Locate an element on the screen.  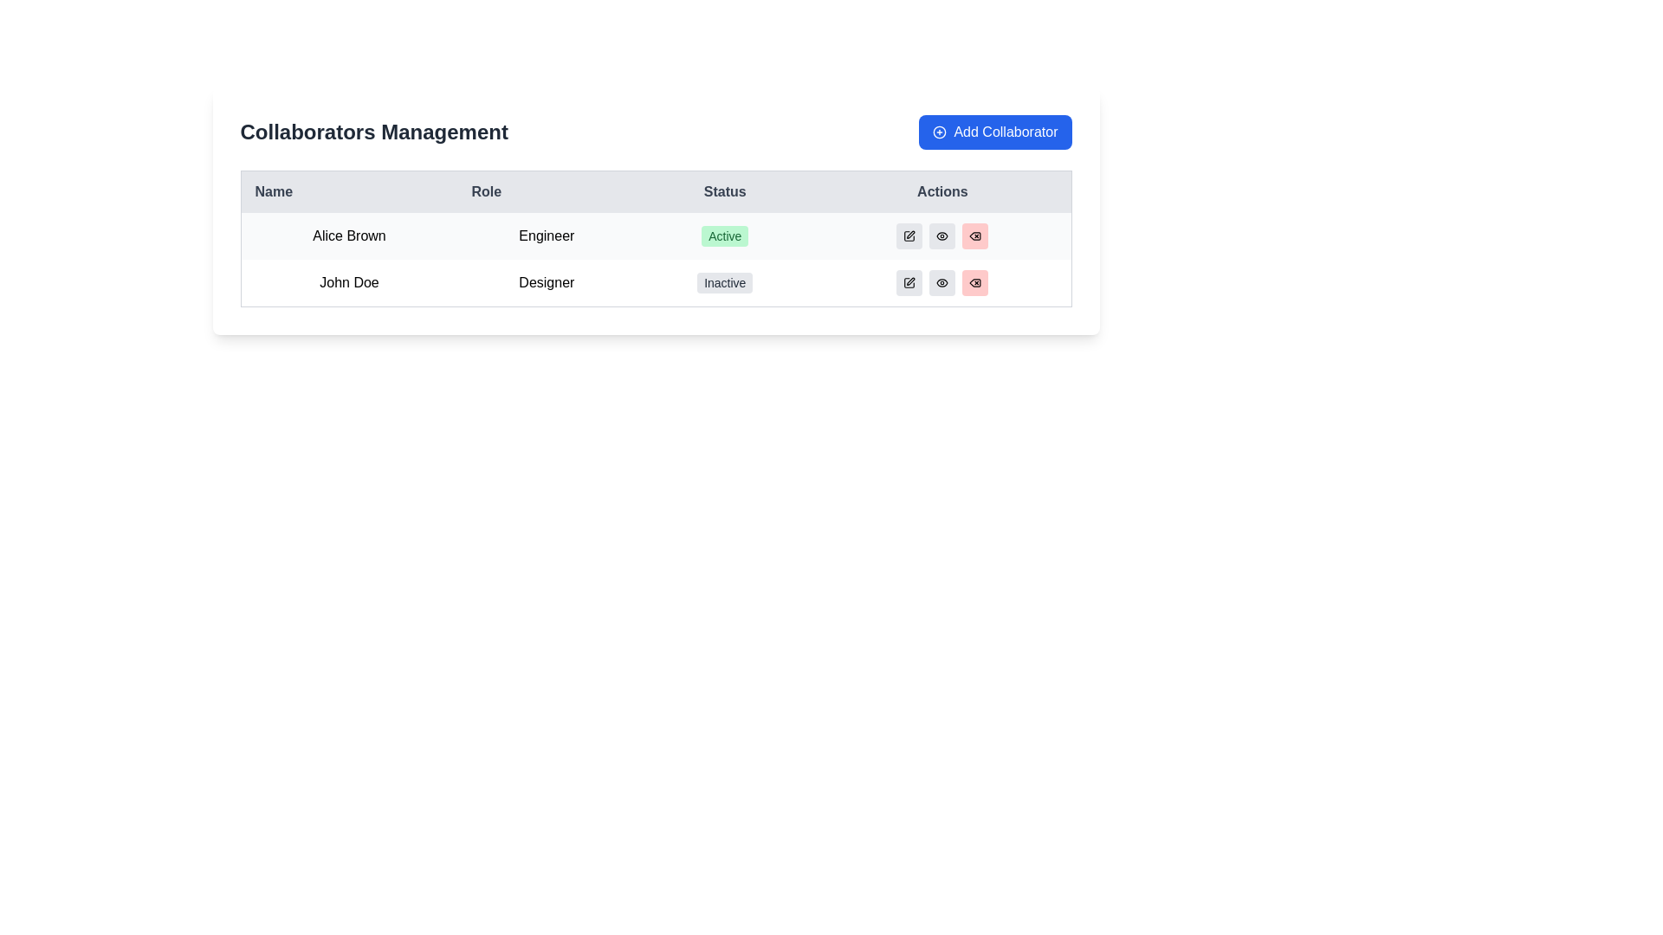
status text from the Status indicator badge indicating 'Active' for user 'Alice Brown', who has the role 'Engineer' is located at coordinates (725, 236).